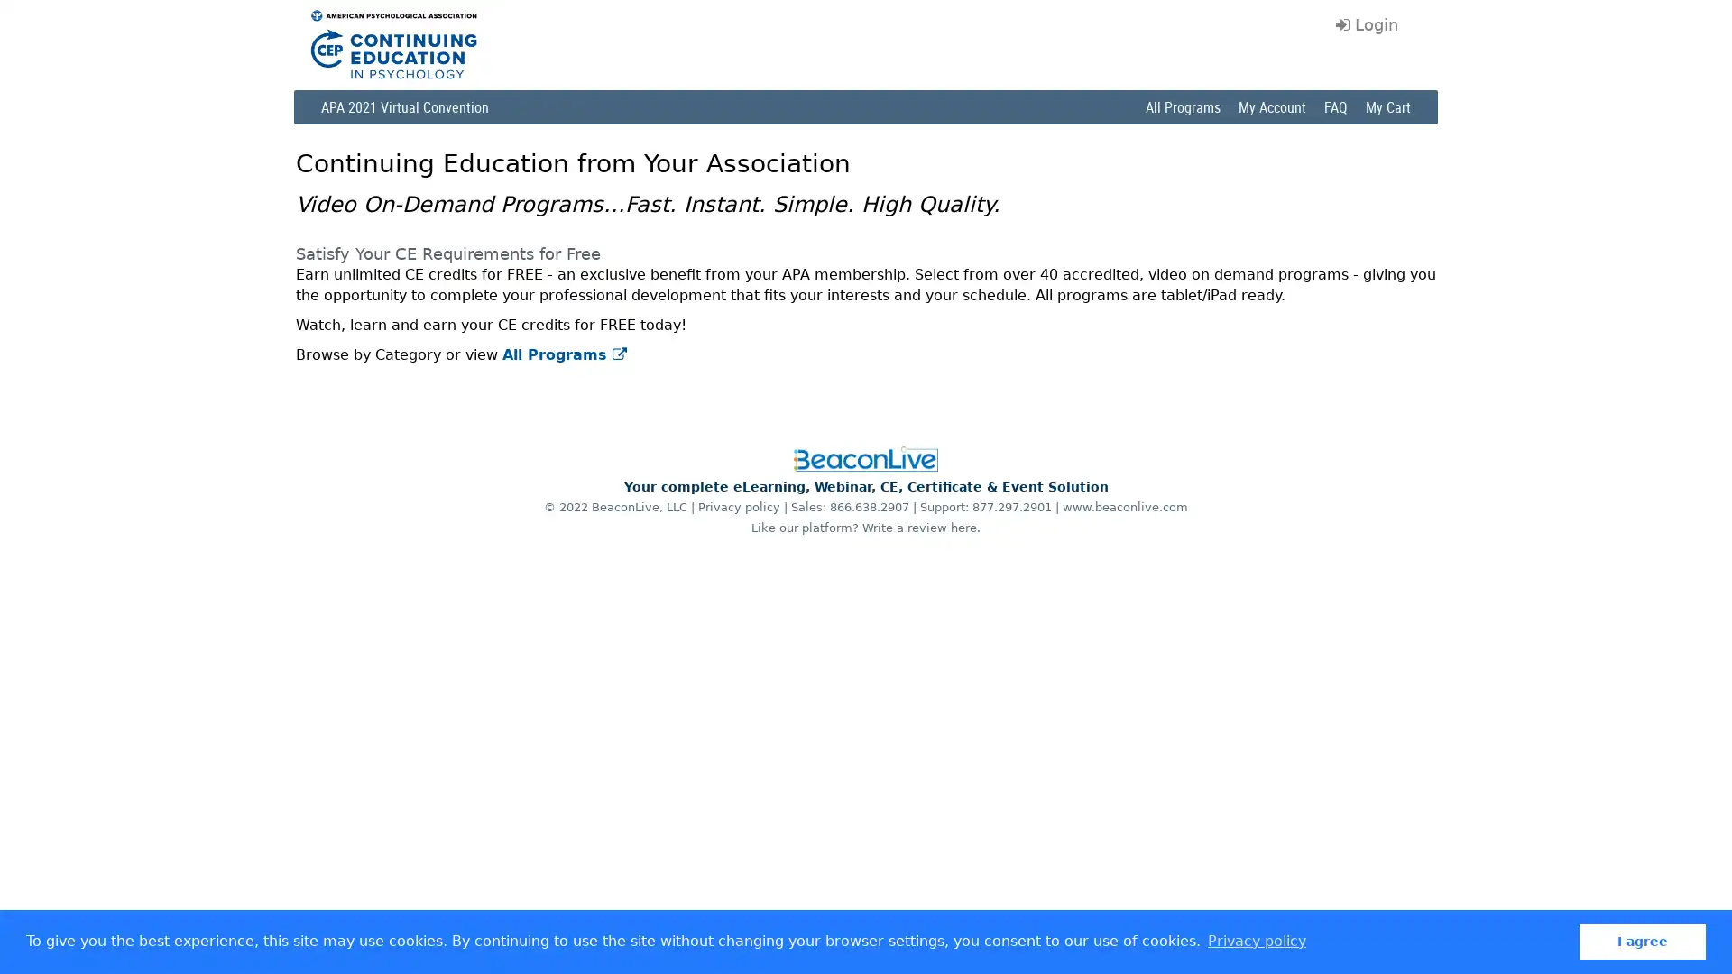  Describe the element at coordinates (1255, 941) in the screenshot. I see `learn more about cookies` at that location.